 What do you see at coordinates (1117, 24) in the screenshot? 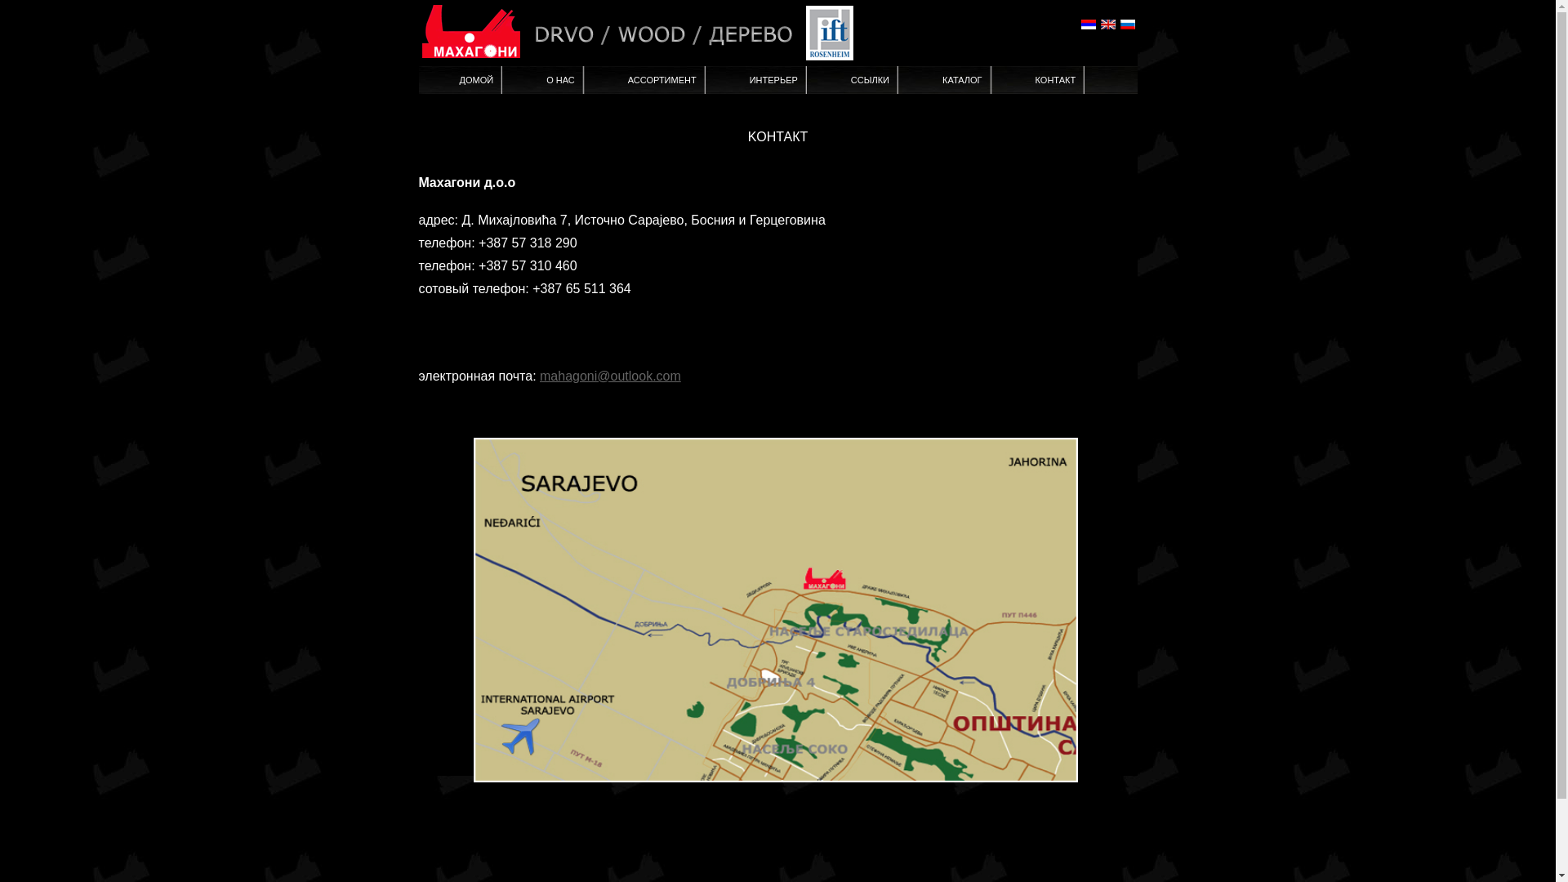
I see `'Russian '` at bounding box center [1117, 24].